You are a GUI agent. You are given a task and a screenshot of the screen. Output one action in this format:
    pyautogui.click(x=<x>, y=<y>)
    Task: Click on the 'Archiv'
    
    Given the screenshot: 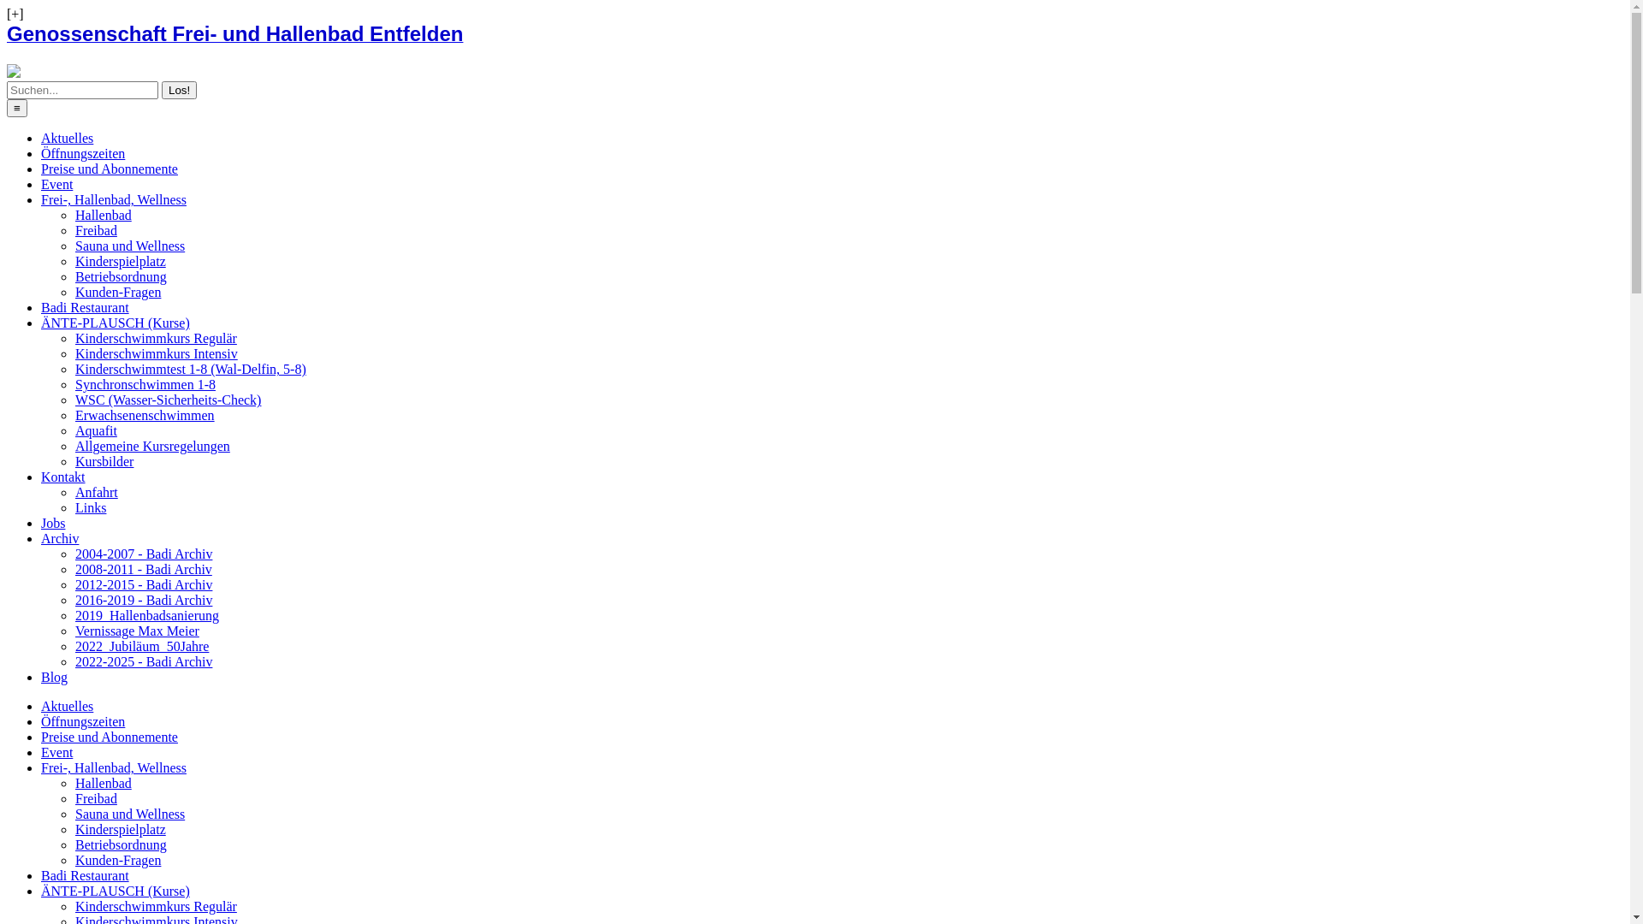 What is the action you would take?
    pyautogui.click(x=60, y=537)
    